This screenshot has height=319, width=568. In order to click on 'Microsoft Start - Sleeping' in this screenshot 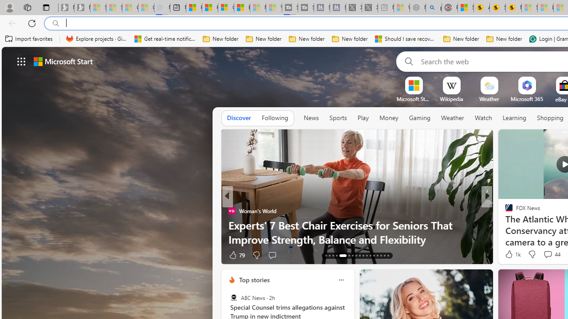, I will do `click(257, 8)`.